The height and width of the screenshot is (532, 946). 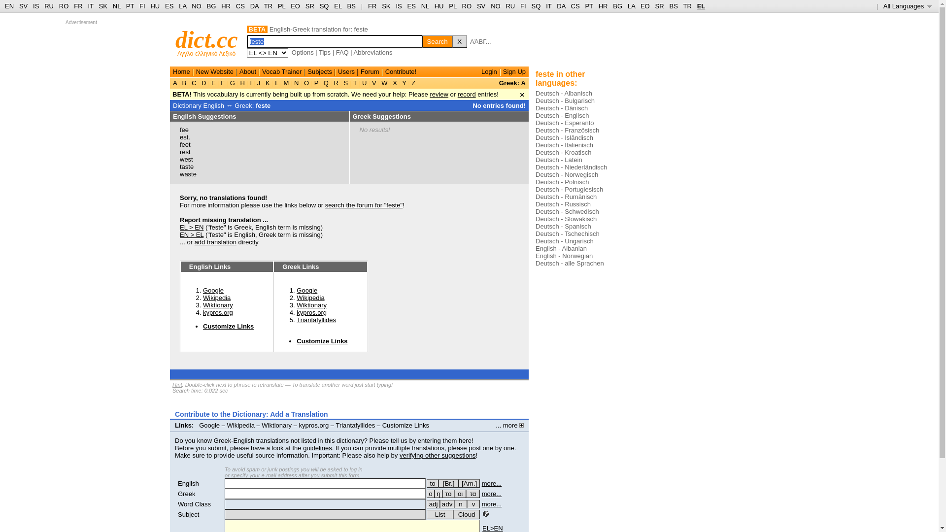 I want to click on 'kypros.org', so click(x=203, y=312).